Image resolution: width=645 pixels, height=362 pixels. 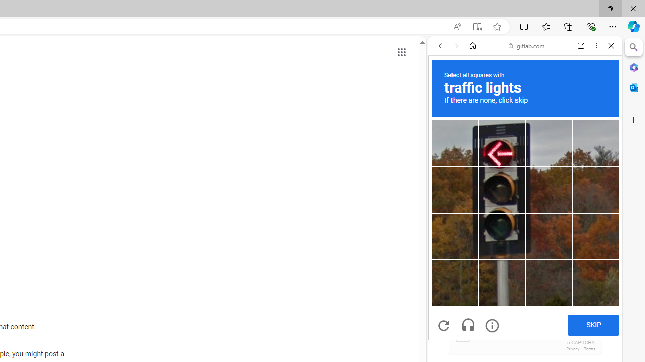 I want to click on 'Terms', so click(x=589, y=348).